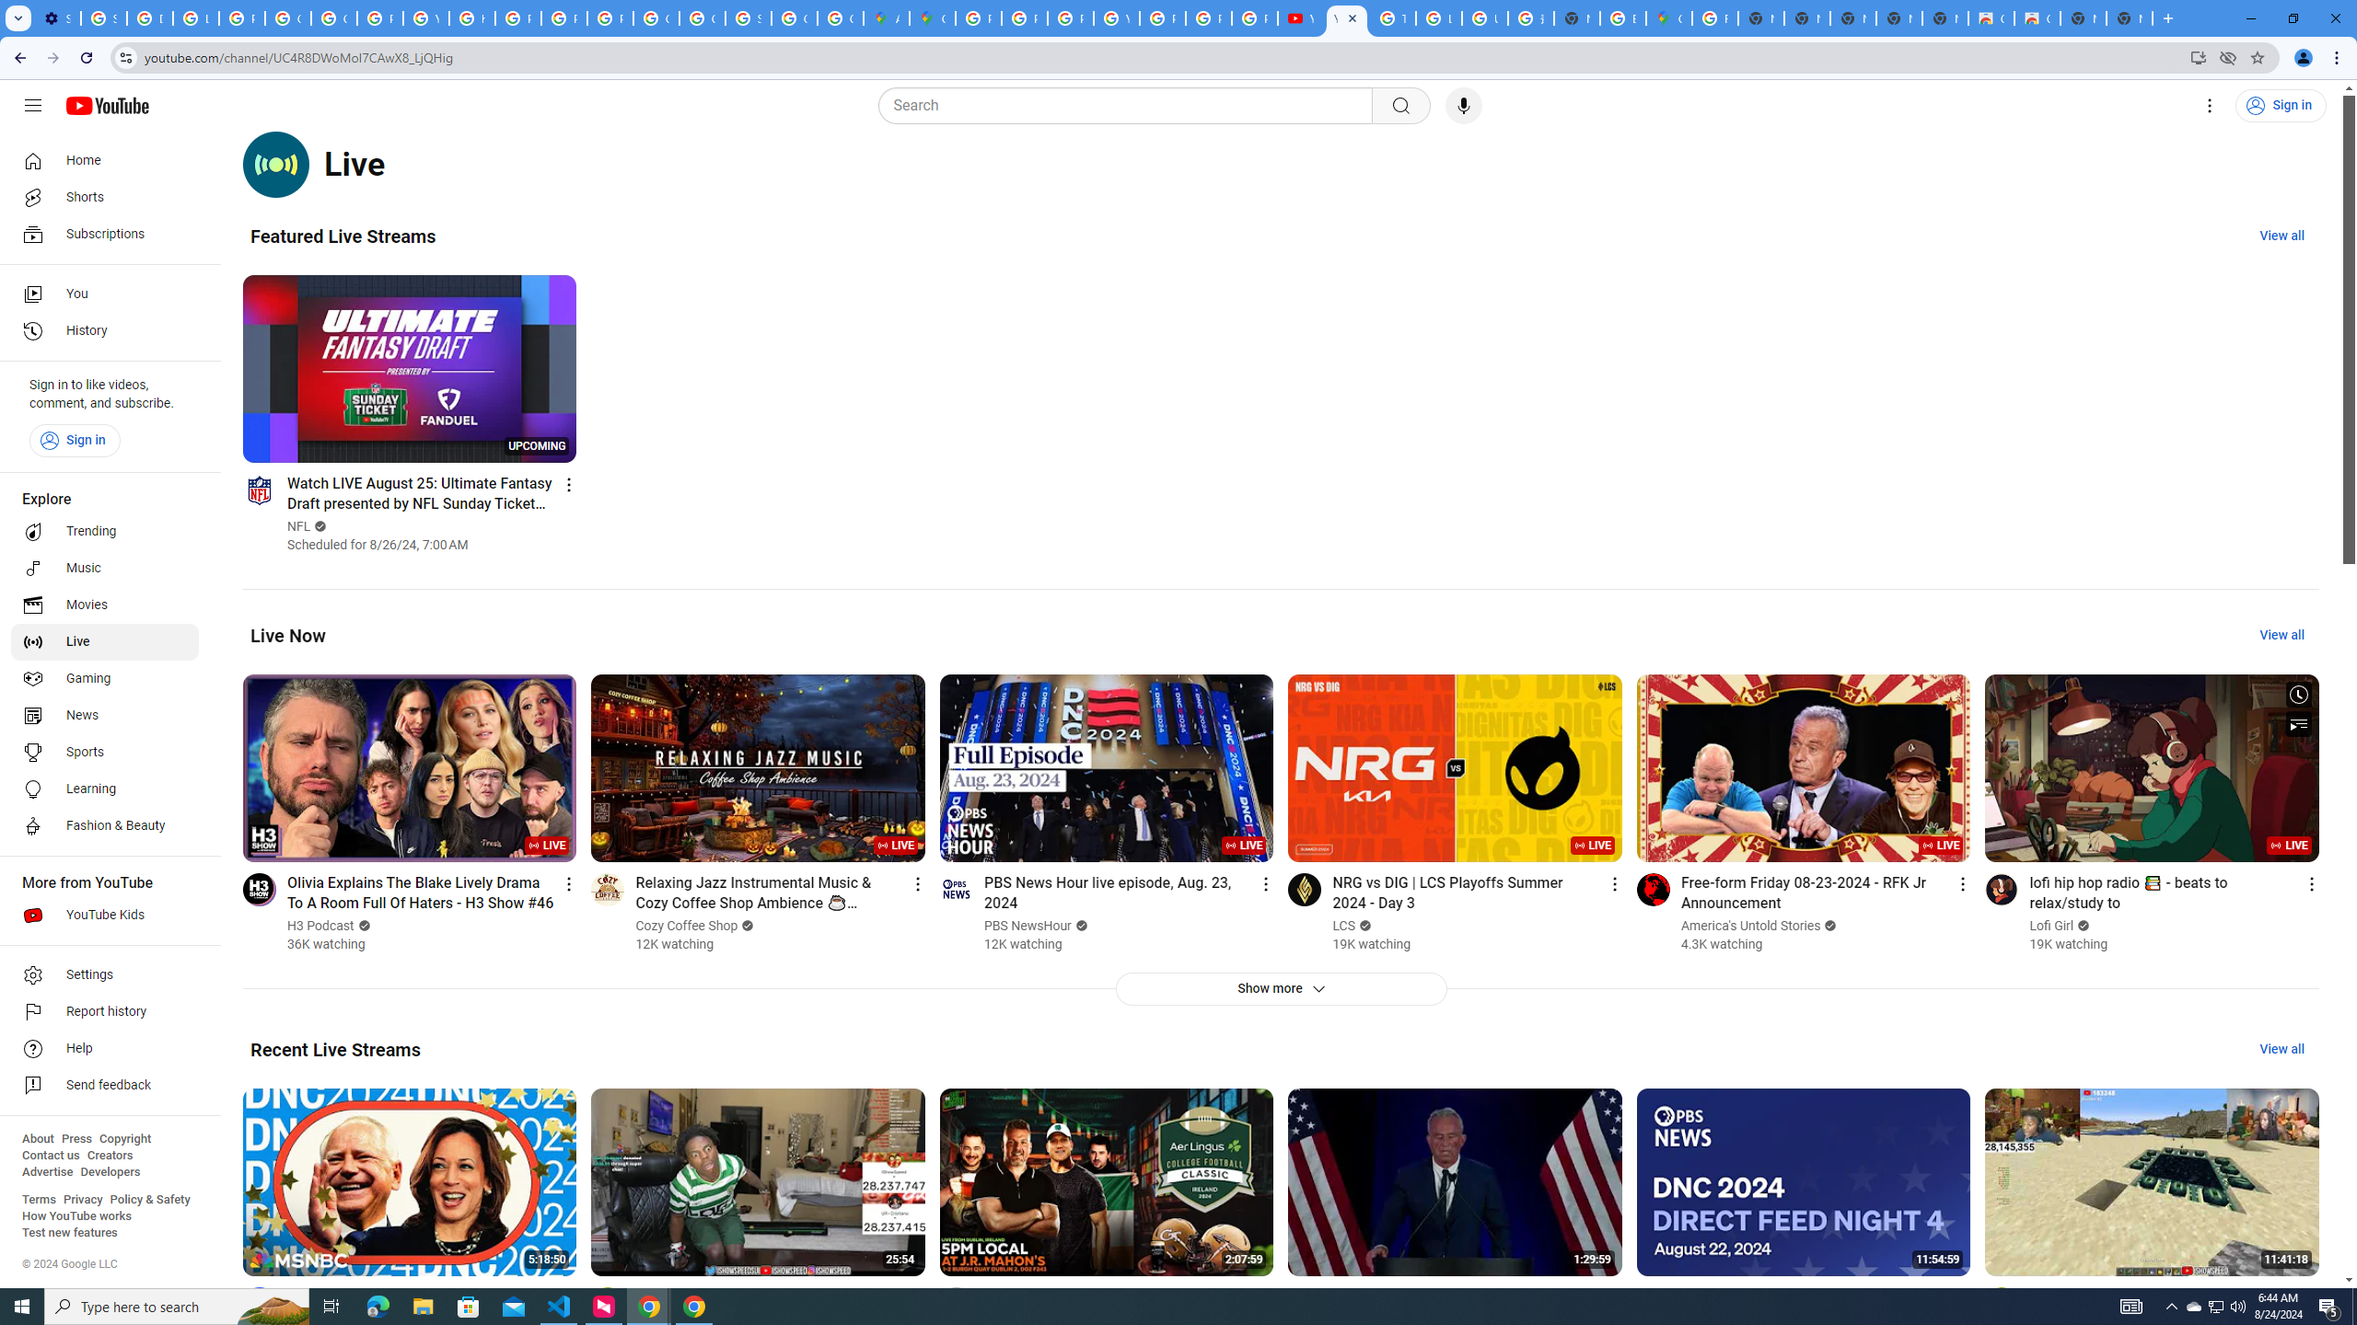 Image resolution: width=2357 pixels, height=1325 pixels. What do you see at coordinates (104, 1085) in the screenshot?
I see `'Send feedback'` at bounding box center [104, 1085].